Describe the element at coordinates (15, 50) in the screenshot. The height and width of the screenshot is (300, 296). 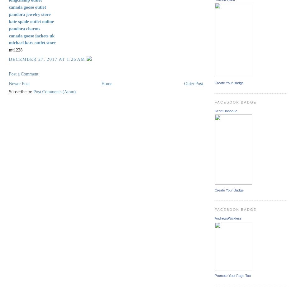
I see `'mt1228'` at that location.